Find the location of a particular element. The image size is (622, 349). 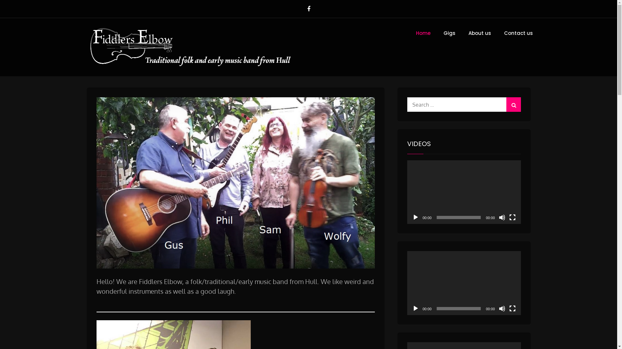

'Fullscreen' is located at coordinates (509, 308).